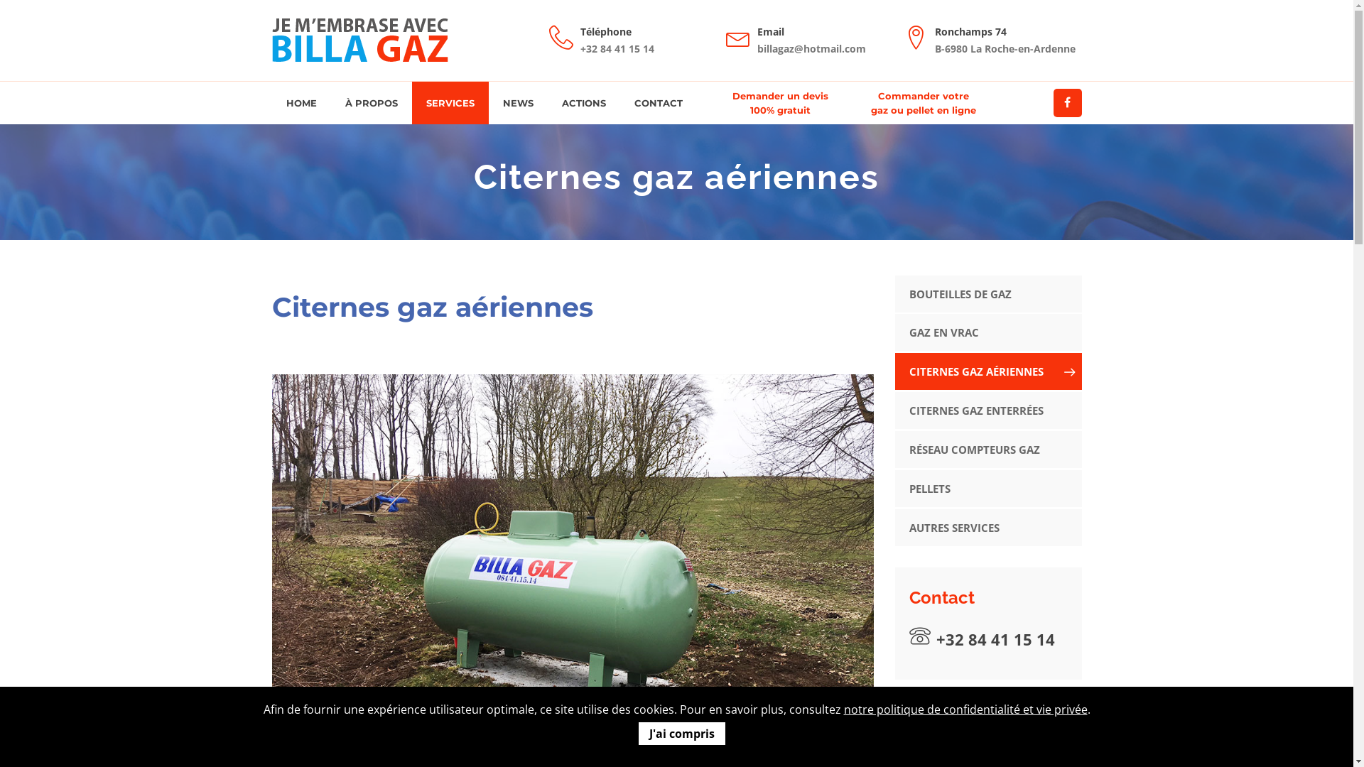 The width and height of the screenshot is (1364, 767). I want to click on 'CONTACT', so click(619, 102).